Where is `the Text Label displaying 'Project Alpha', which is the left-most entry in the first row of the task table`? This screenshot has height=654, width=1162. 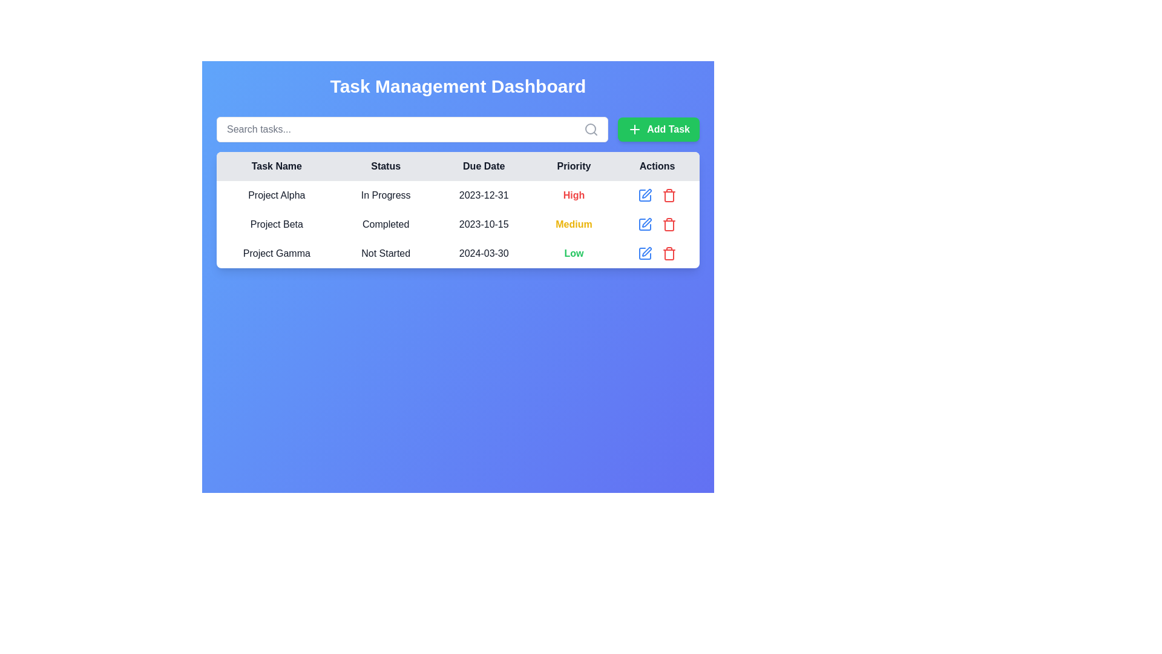 the Text Label displaying 'Project Alpha', which is the left-most entry in the first row of the task table is located at coordinates (276, 195).